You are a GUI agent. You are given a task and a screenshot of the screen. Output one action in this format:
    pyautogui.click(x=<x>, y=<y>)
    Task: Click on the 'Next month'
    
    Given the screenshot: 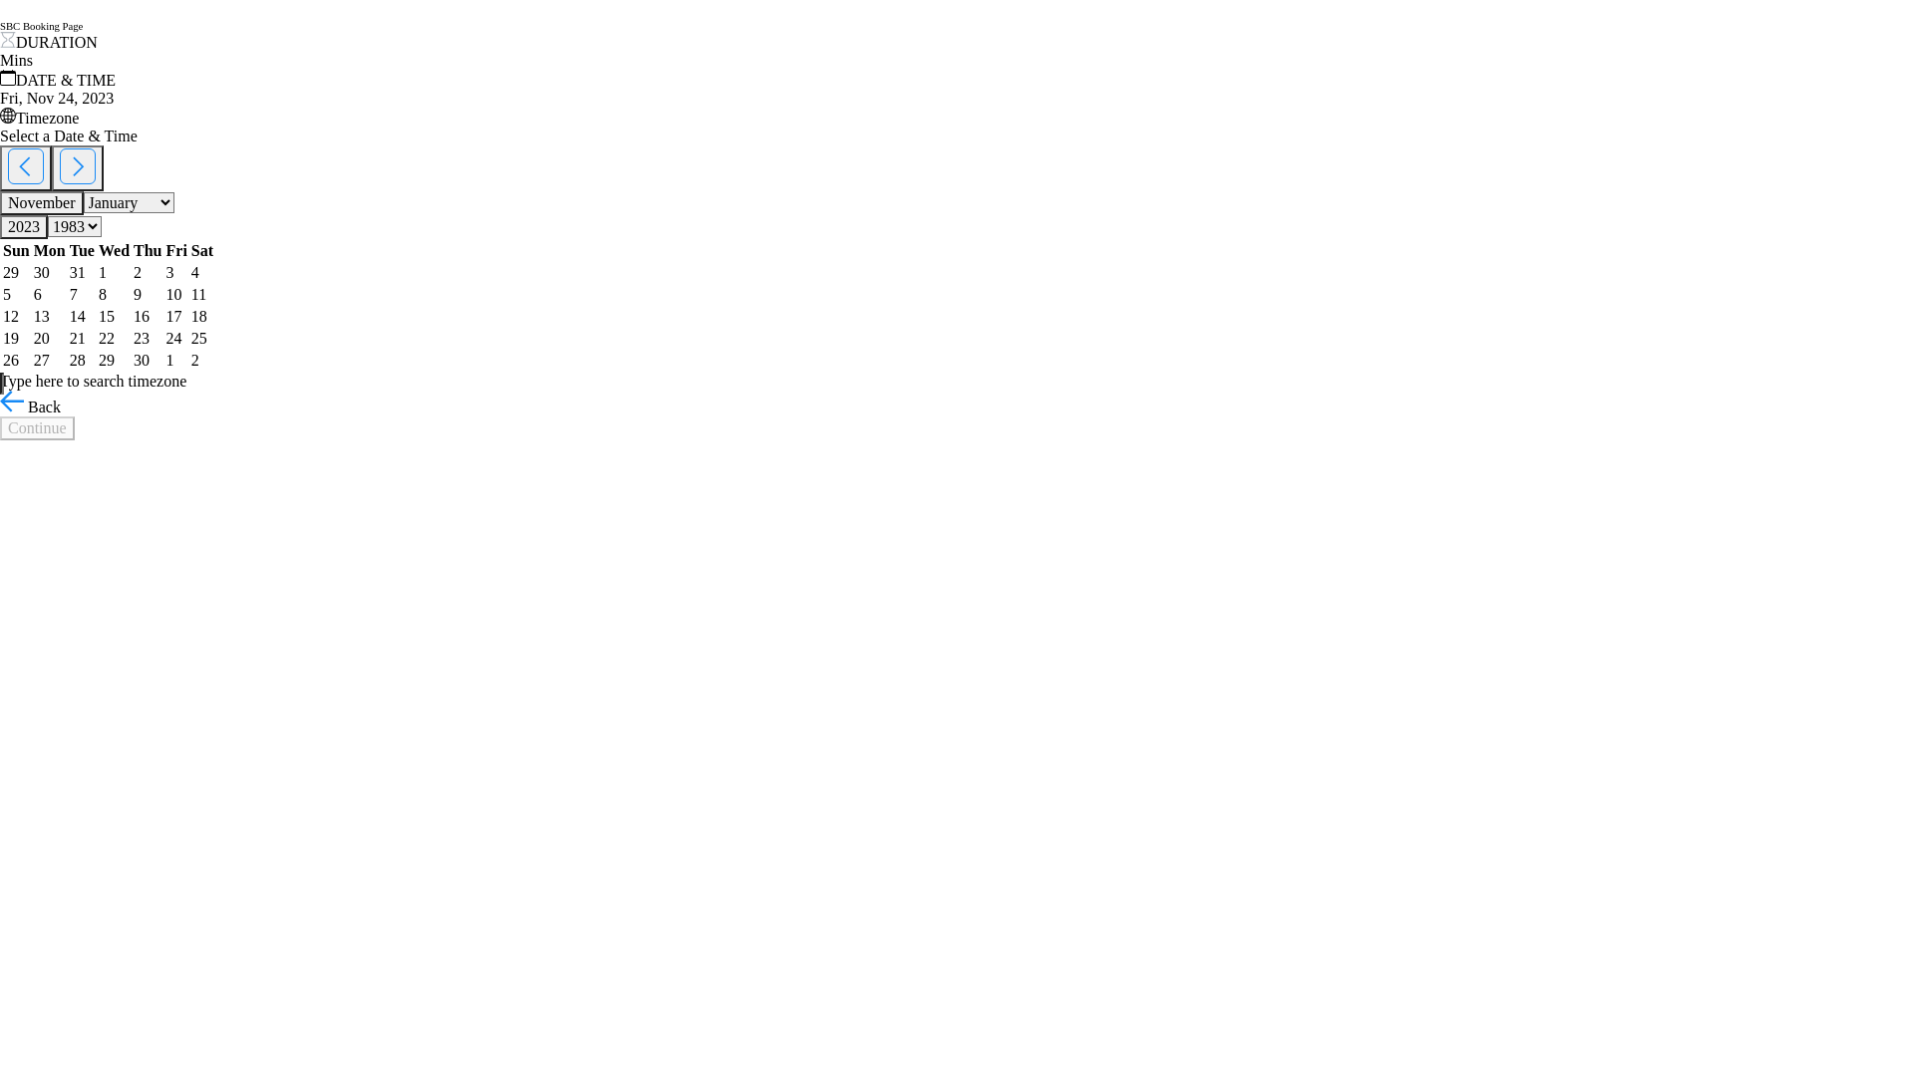 What is the action you would take?
    pyautogui.click(x=77, y=167)
    